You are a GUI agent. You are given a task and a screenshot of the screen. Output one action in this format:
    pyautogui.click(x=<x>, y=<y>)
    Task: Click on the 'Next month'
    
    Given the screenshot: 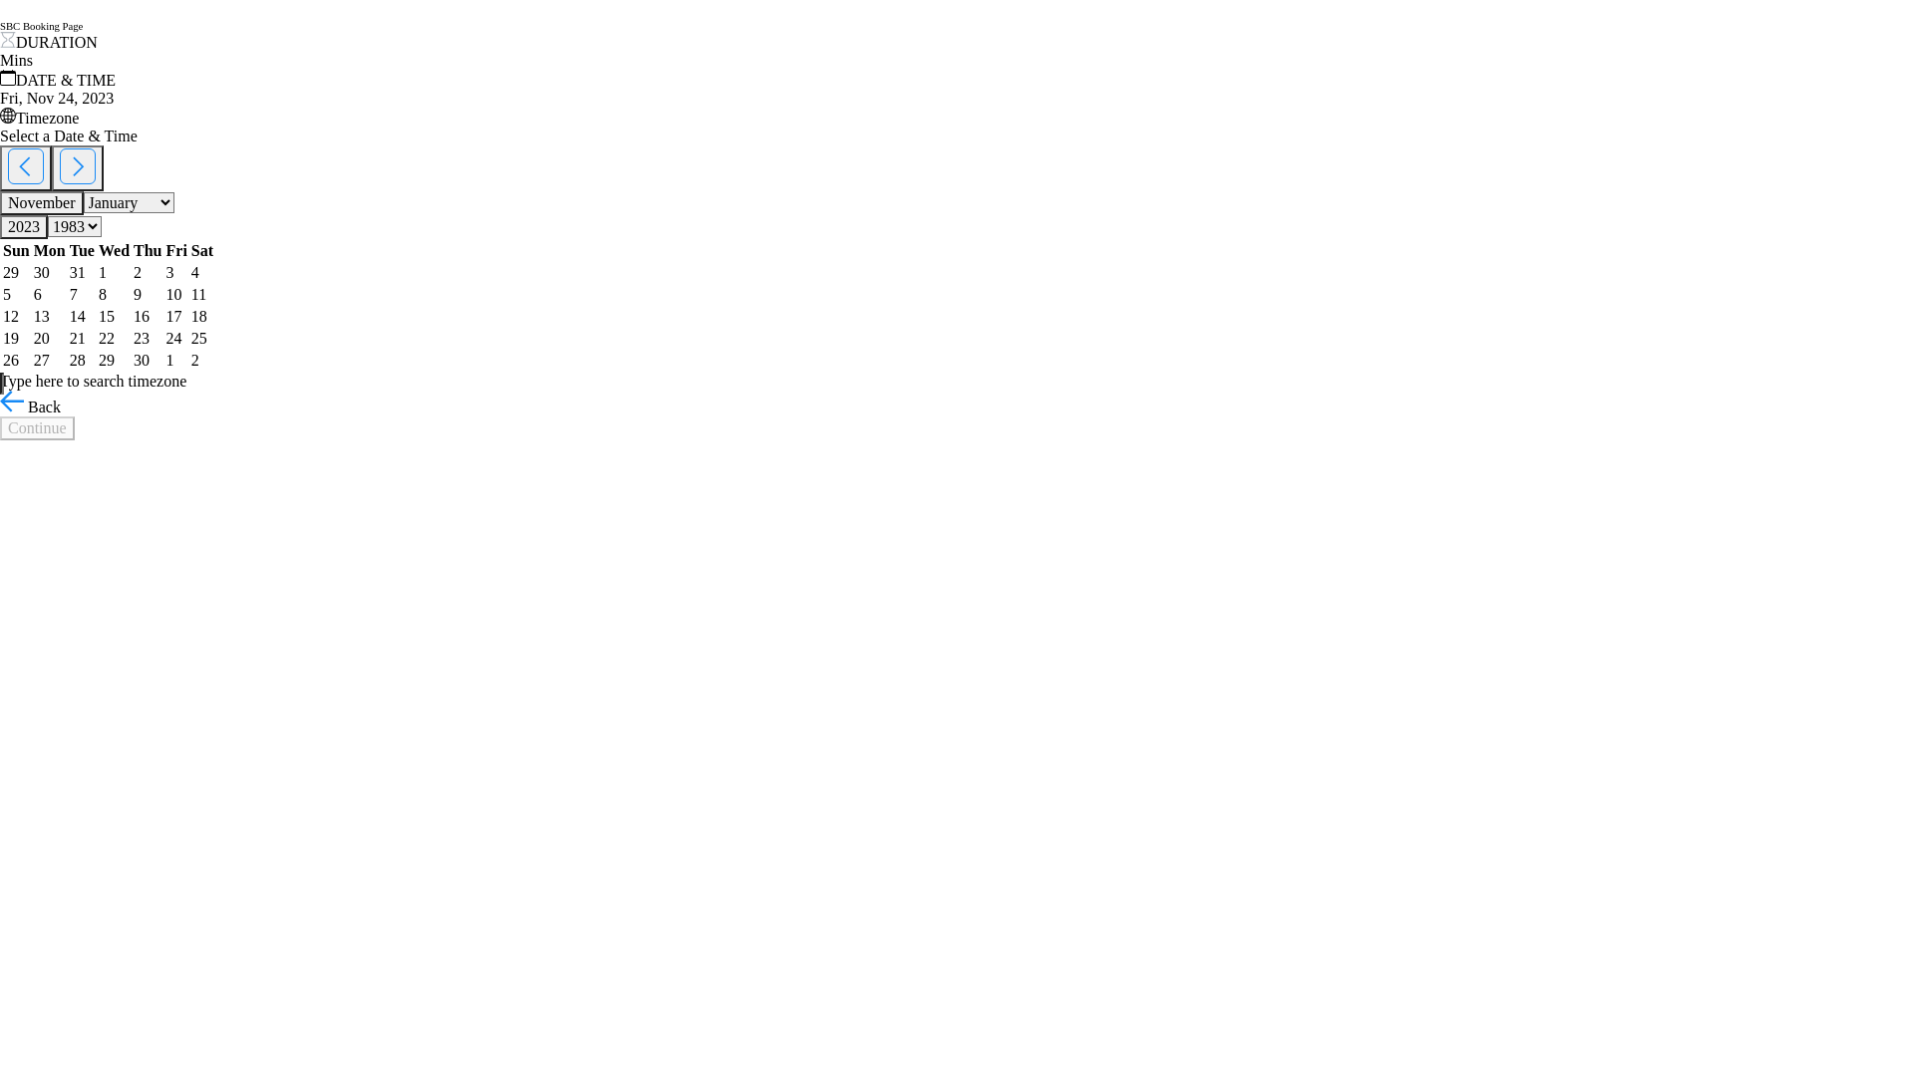 What is the action you would take?
    pyautogui.click(x=77, y=167)
    